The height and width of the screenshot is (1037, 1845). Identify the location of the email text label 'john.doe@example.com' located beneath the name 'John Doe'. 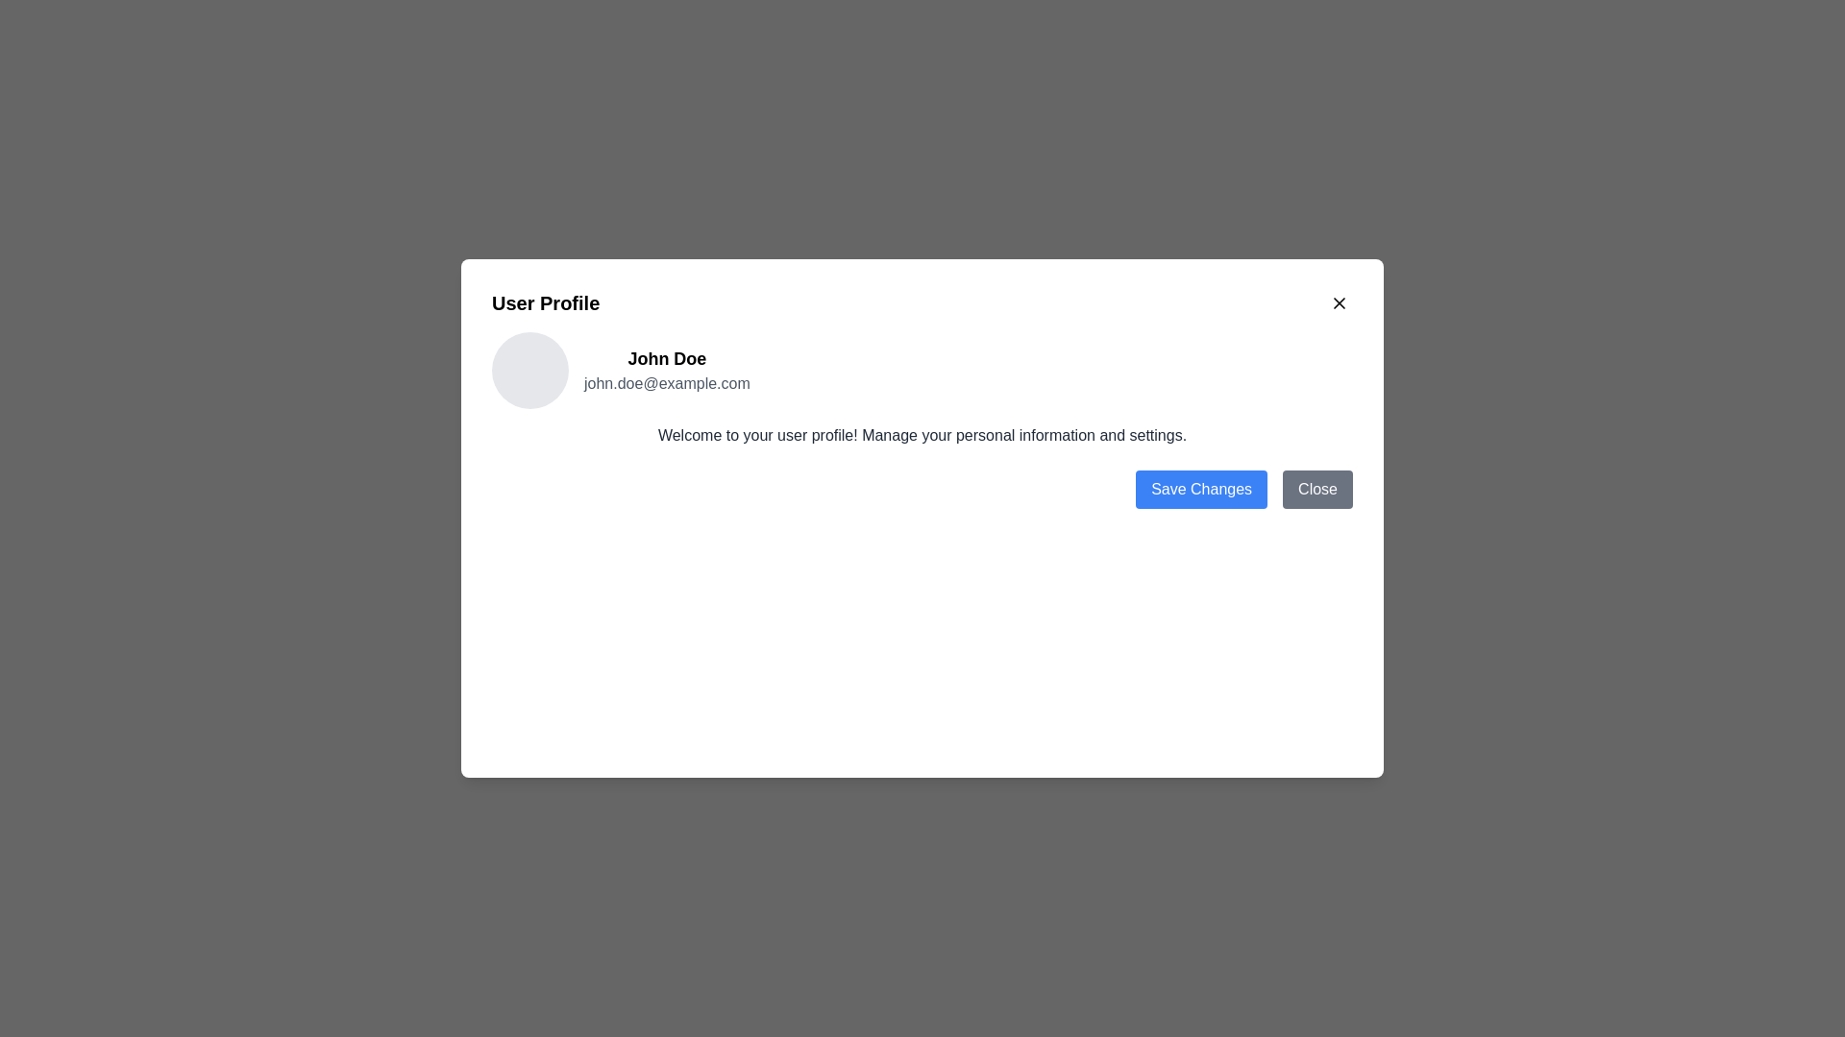
(667, 384).